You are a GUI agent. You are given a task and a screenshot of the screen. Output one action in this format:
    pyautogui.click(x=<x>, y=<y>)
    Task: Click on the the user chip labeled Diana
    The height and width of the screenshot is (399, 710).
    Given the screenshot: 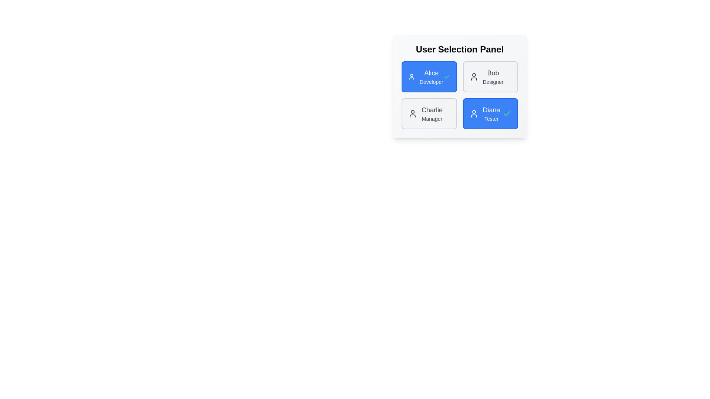 What is the action you would take?
    pyautogui.click(x=490, y=114)
    